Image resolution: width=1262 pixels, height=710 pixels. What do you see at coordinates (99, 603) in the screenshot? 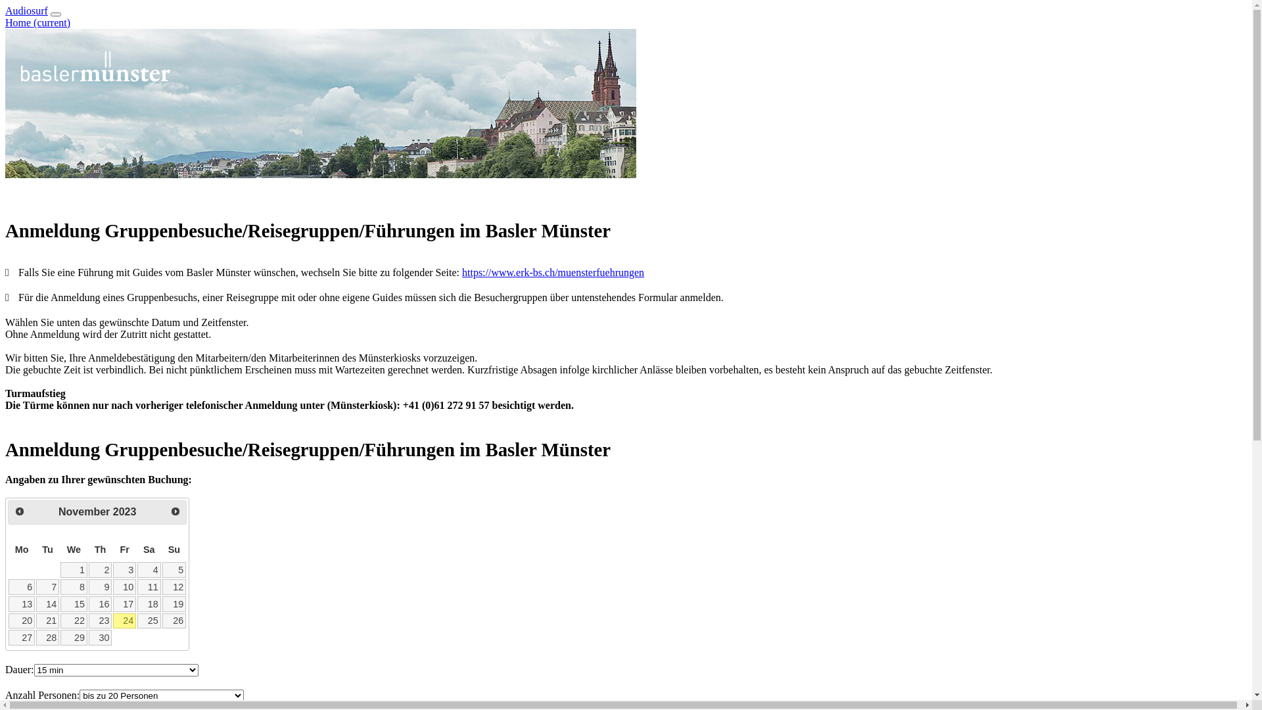
I see `'16'` at bounding box center [99, 603].